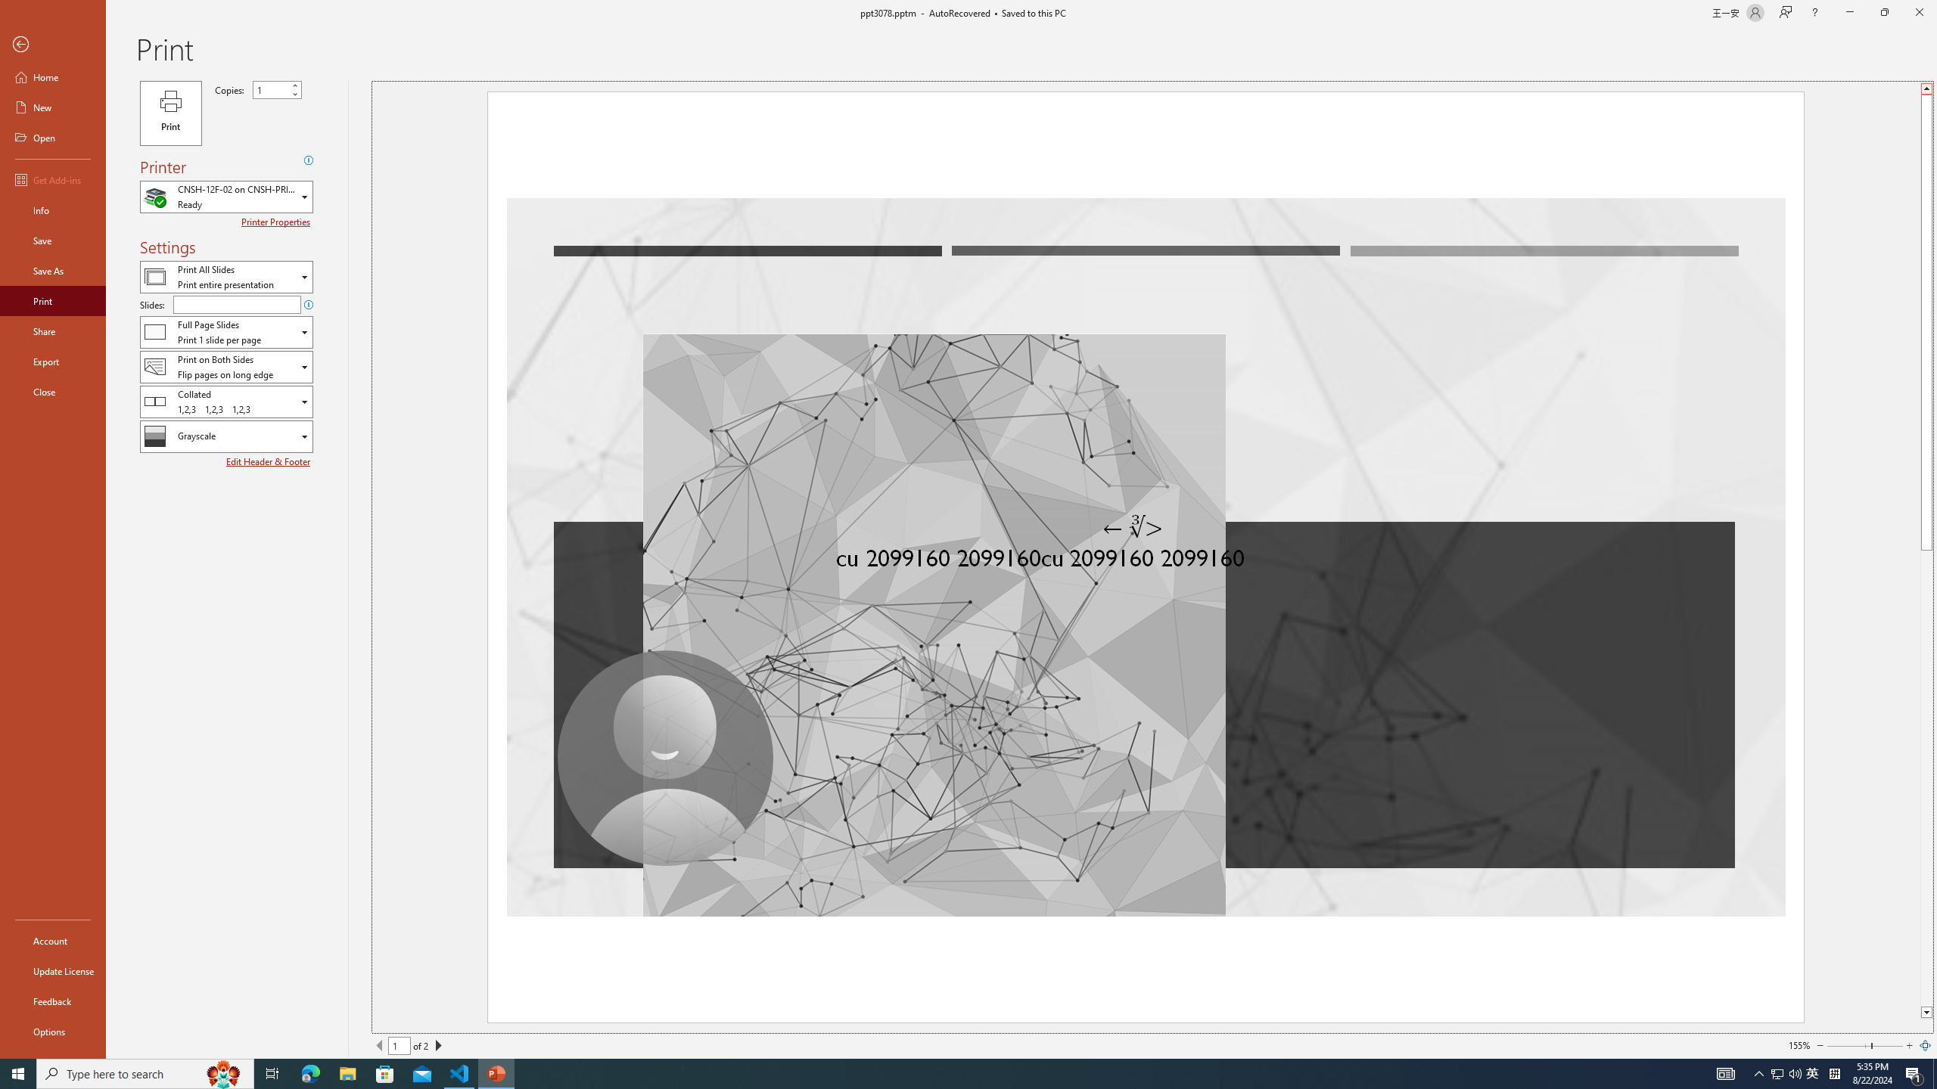 The image size is (1937, 1089). I want to click on 'Get Add-ins', so click(52, 179).